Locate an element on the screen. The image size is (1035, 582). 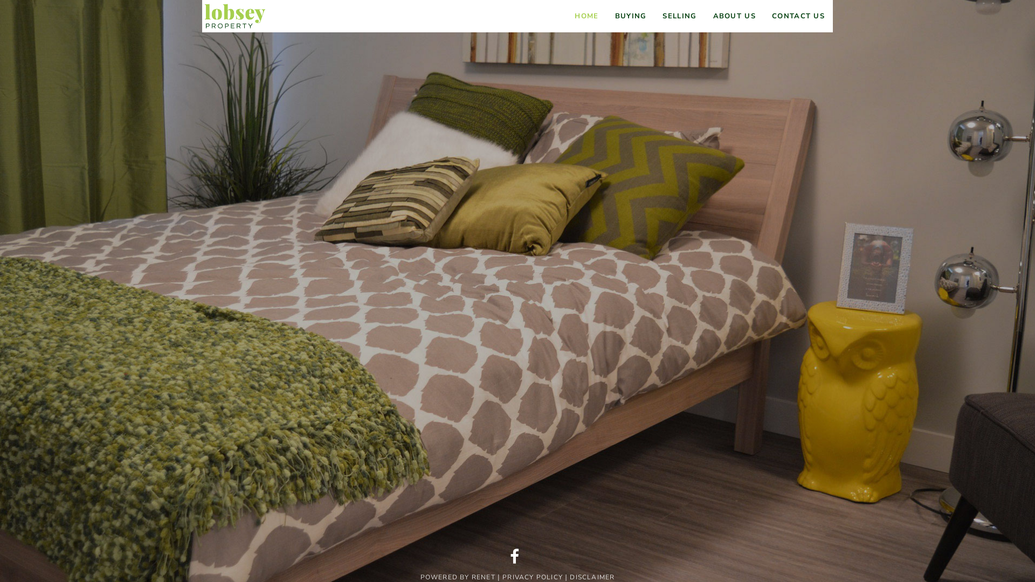
'BUYING' is located at coordinates (631, 16).